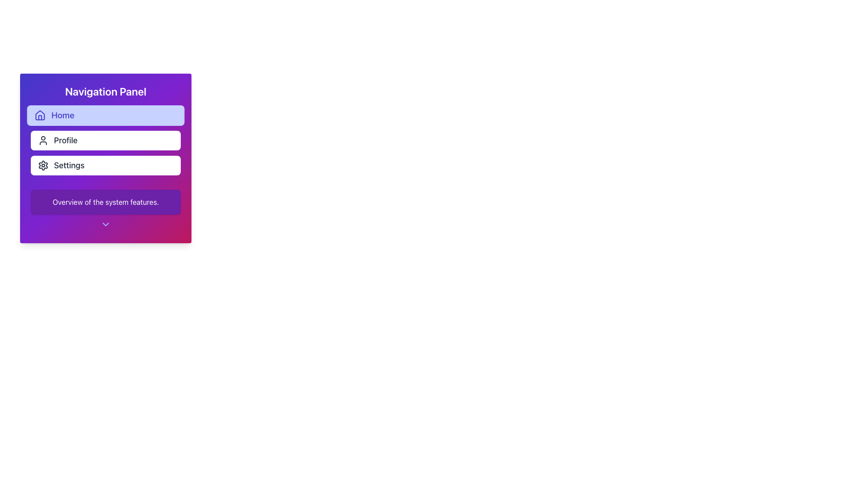 The height and width of the screenshot is (482, 857). Describe the element at coordinates (62, 115) in the screenshot. I see `text of the 'Home' label located in the first row of the navigation panel's menu items, which is positioned to the right of a house icon` at that location.